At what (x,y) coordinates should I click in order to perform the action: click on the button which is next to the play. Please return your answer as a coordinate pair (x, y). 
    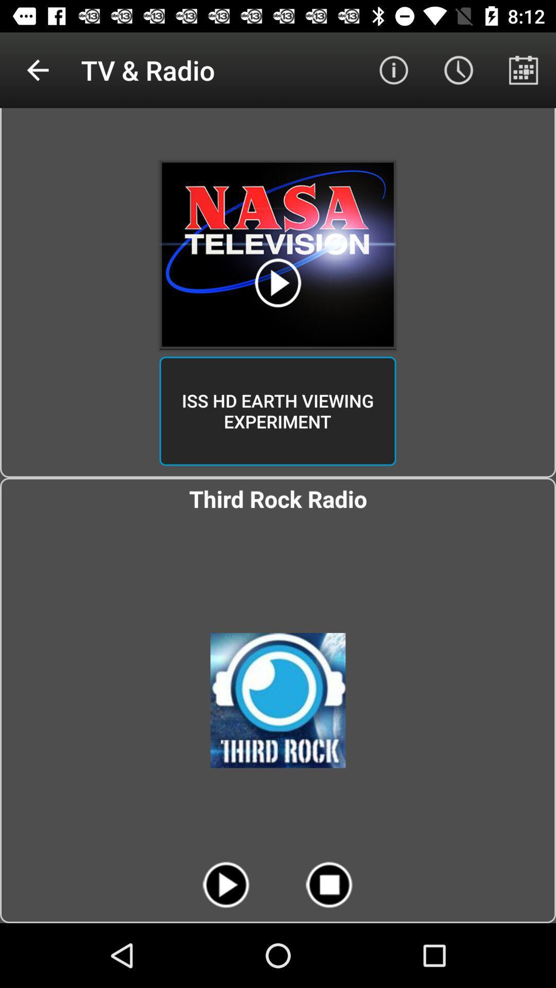
    Looking at the image, I should click on (329, 884).